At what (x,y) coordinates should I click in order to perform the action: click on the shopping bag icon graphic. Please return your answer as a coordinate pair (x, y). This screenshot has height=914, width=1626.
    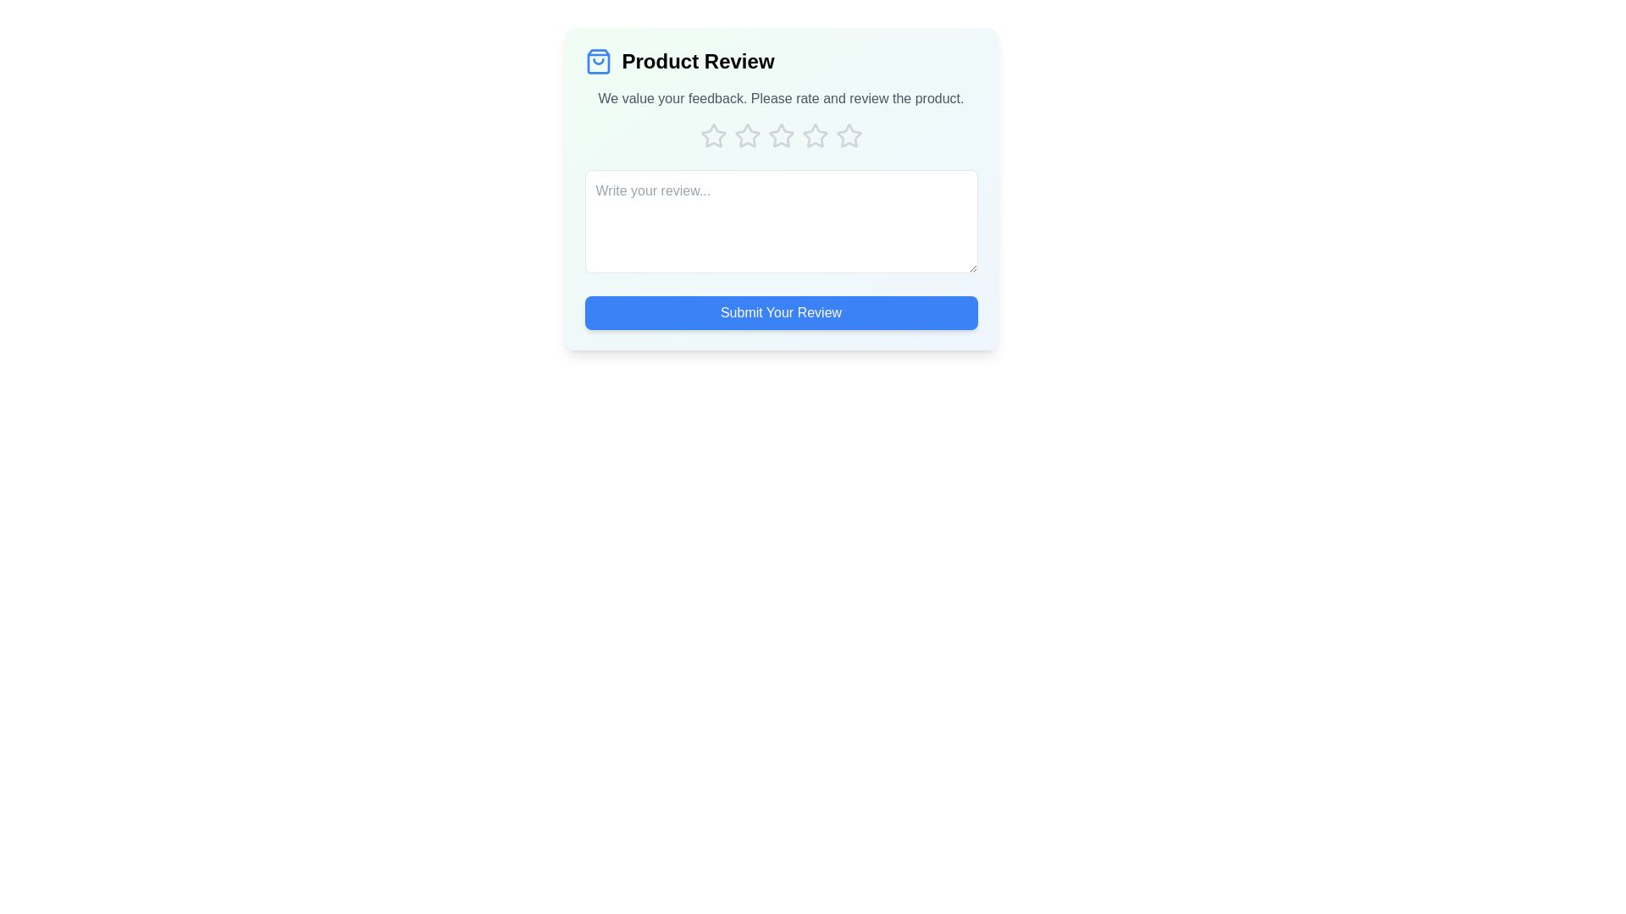
    Looking at the image, I should click on (598, 61).